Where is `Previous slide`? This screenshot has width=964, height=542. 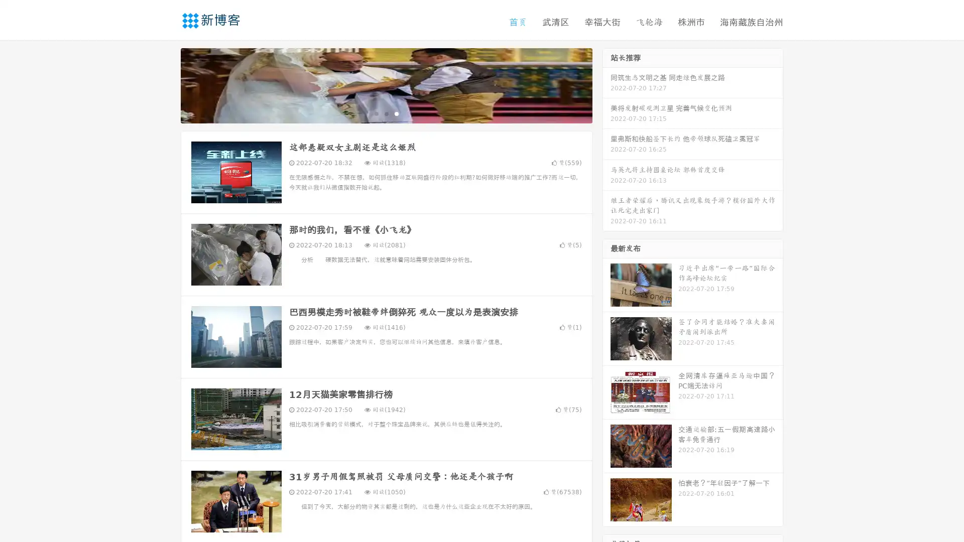 Previous slide is located at coordinates (166, 84).